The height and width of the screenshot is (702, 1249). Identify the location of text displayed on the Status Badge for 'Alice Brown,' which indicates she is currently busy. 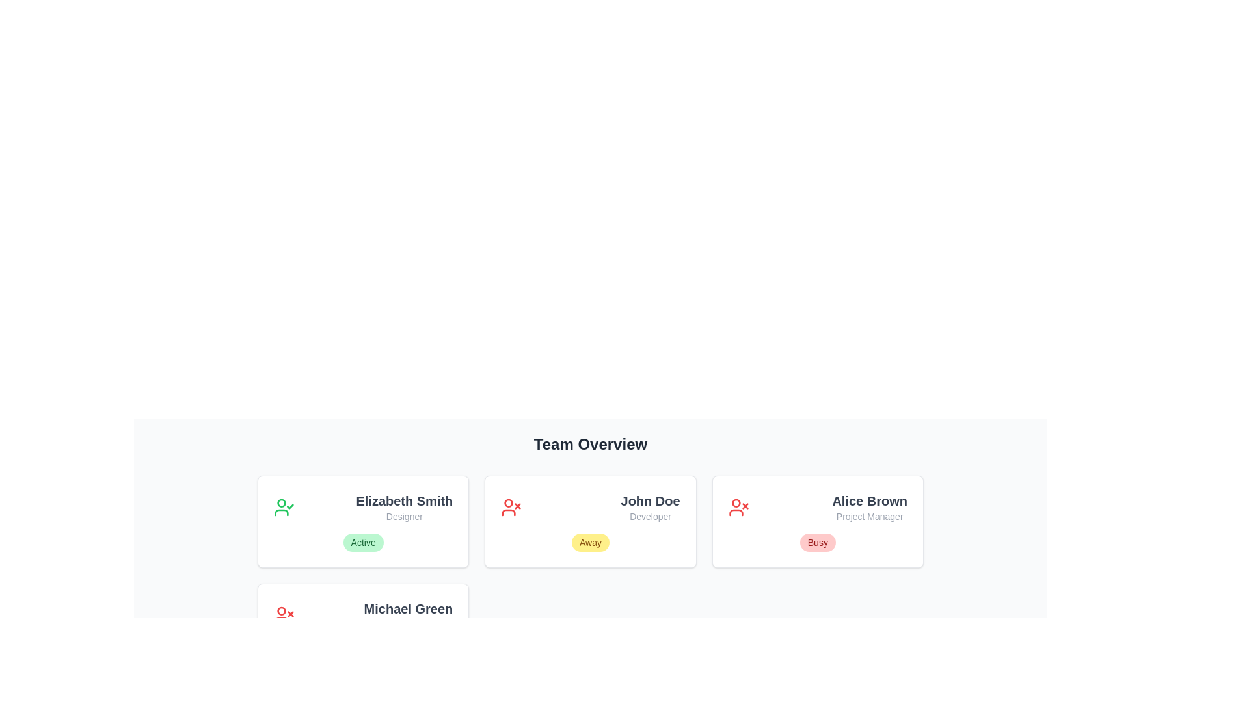
(817, 542).